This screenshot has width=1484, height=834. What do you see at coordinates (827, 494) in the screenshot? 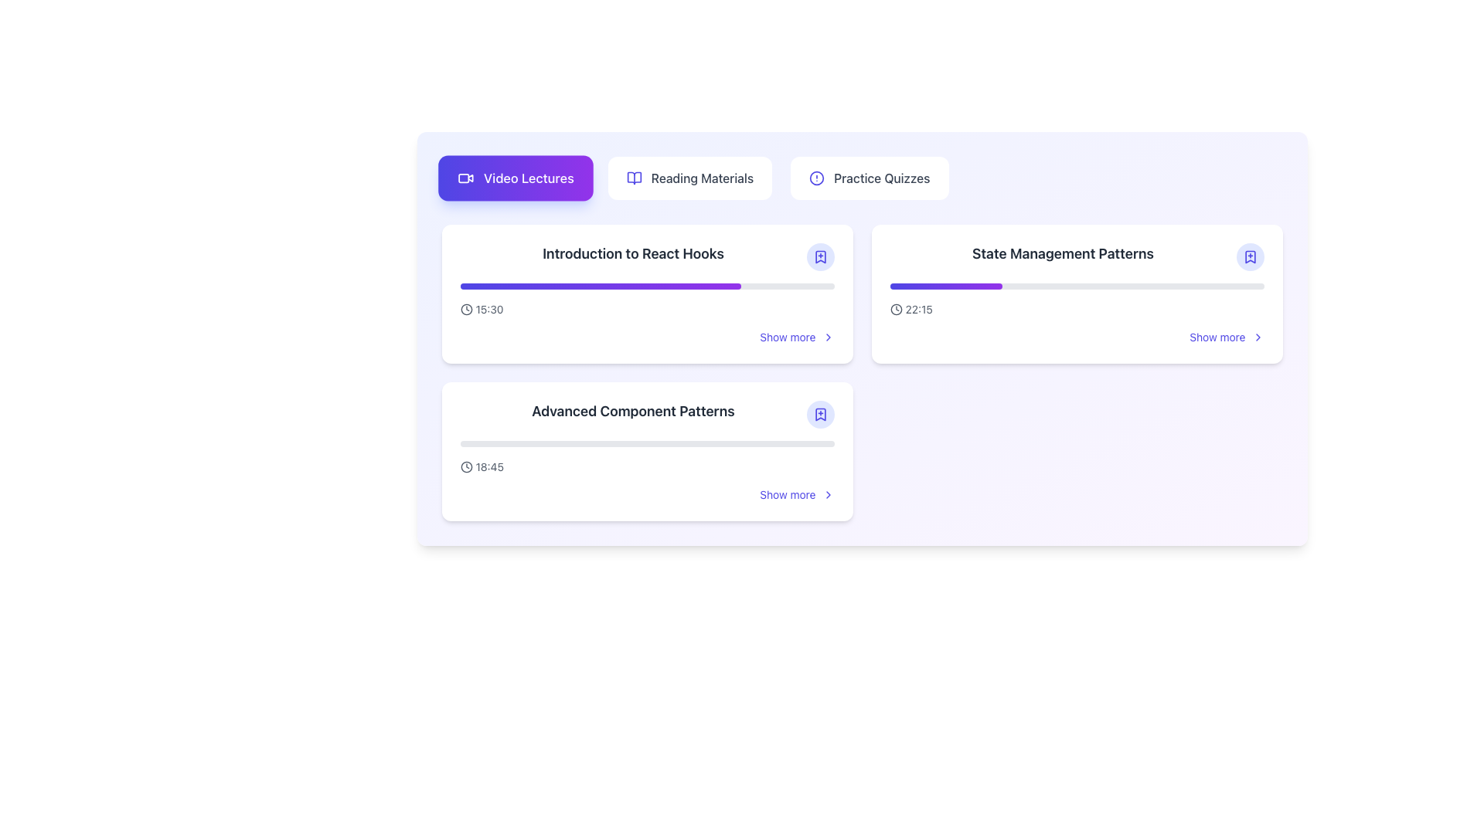
I see `the right-facing chevron icon located in the 'Show more' text block at the bottom-right corner of the 'Advanced Component Patterns' card` at bounding box center [827, 494].